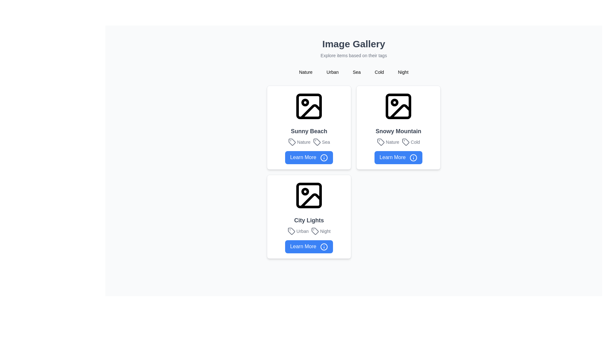 The height and width of the screenshot is (345, 613). What do you see at coordinates (309, 131) in the screenshot?
I see `text content of the label displaying 'Sunny Beach', which is prominently styled in bold, large font and dark gray color, located within the leftmost item card above the 'Learn More' button` at bounding box center [309, 131].